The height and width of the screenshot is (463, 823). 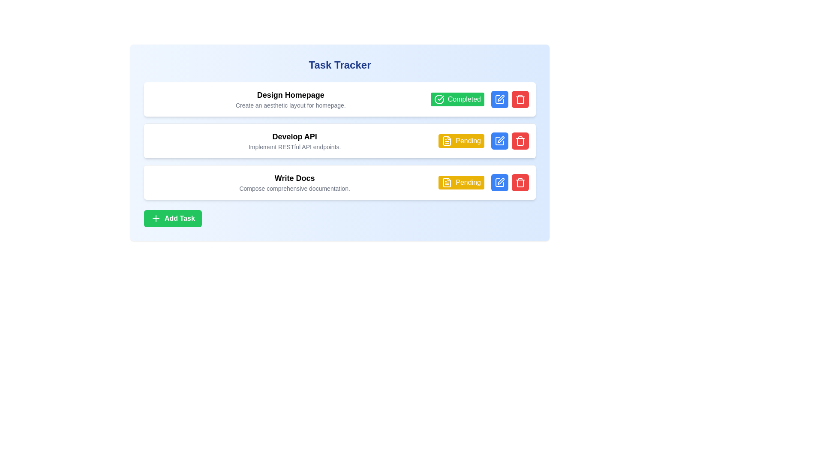 What do you see at coordinates (461, 140) in the screenshot?
I see `the Status Indicator Label, which is a rectangular yellow button with rounded corners containing a document icon and the text 'Pending'. It is located in the rightmost section of the 'Develop API' task row` at bounding box center [461, 140].